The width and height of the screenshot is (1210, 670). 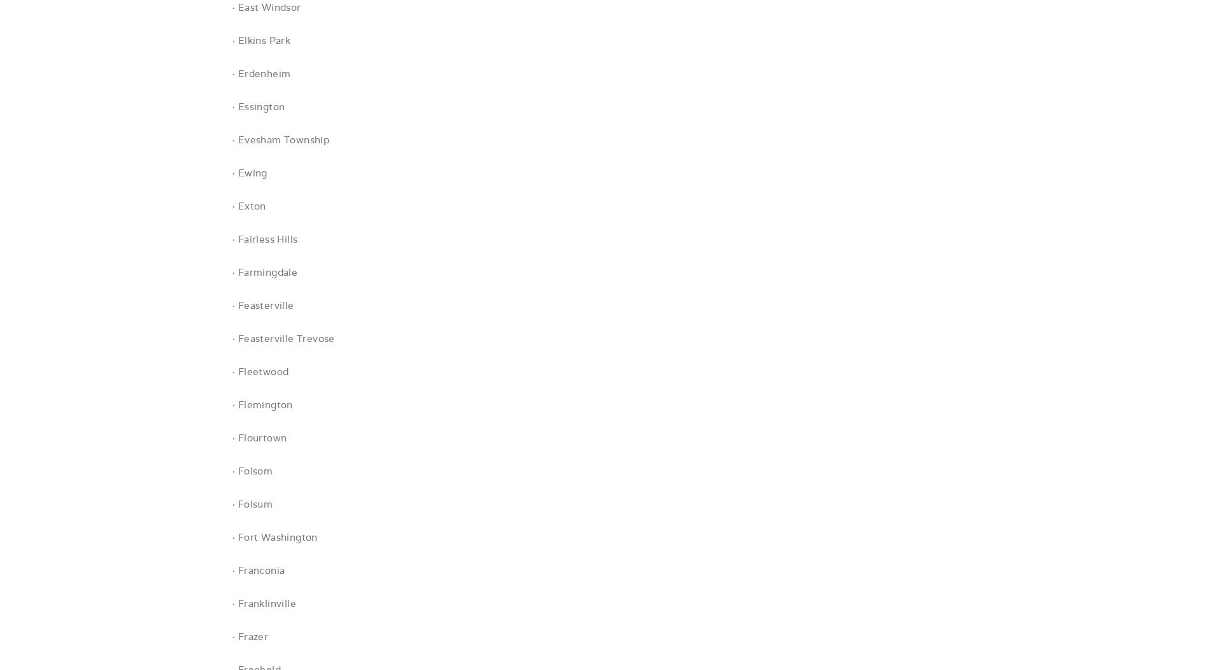 I want to click on '· Franconia', so click(x=258, y=570).